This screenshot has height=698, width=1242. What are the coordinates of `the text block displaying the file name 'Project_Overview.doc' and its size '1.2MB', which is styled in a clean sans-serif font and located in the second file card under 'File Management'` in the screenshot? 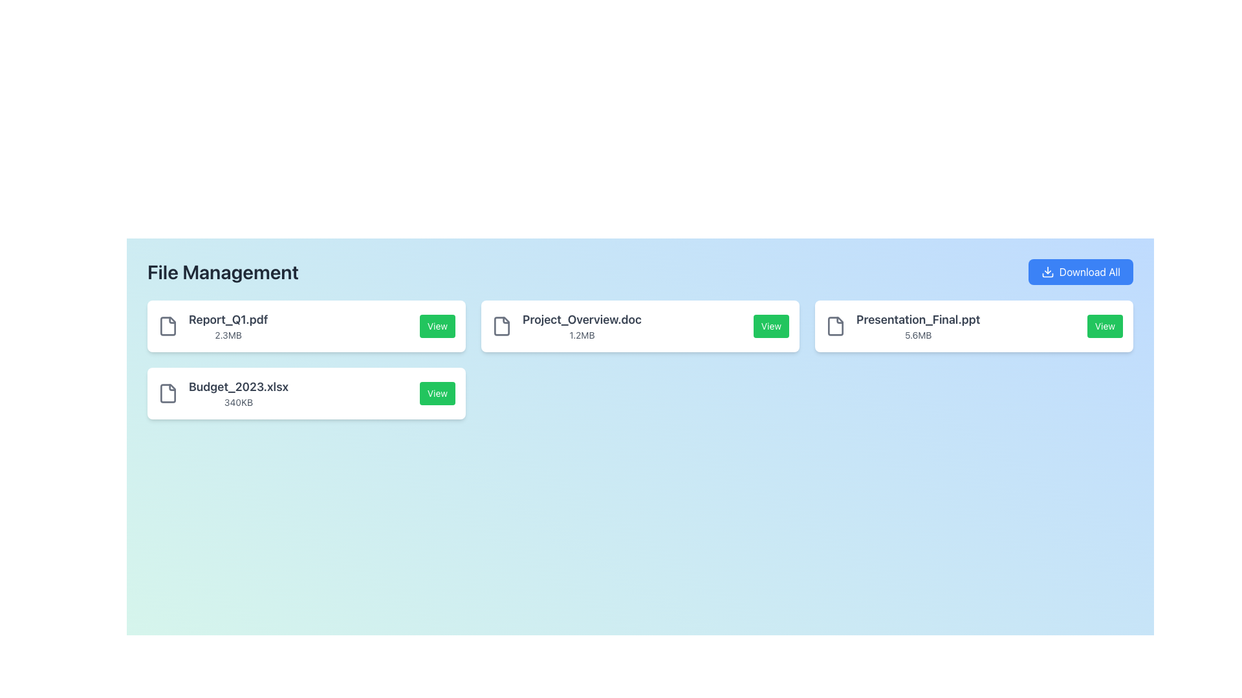 It's located at (566, 326).